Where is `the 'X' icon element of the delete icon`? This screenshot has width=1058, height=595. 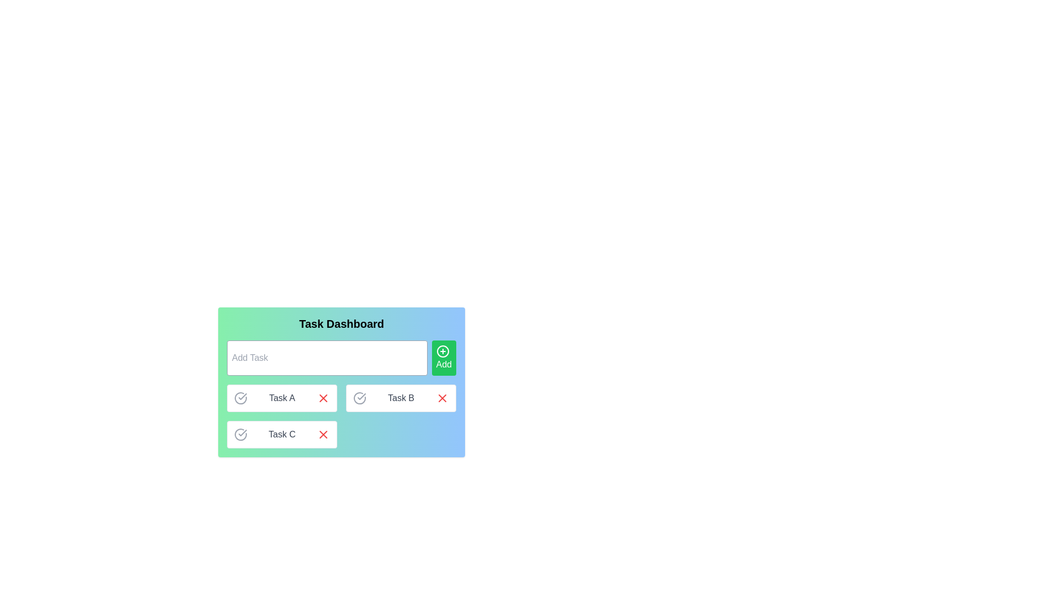
the 'X' icon element of the delete icon is located at coordinates (322, 398).